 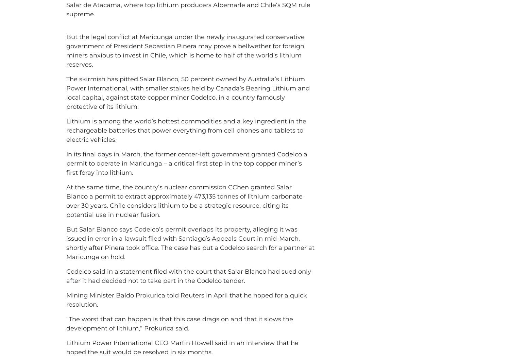 What do you see at coordinates (187, 163) in the screenshot?
I see `'In its final days in March, the former center-left government granted Codelco a permit to operate in Maricunga – a critical first step in the top copper miner’s first foray into lithium.'` at bounding box center [187, 163].